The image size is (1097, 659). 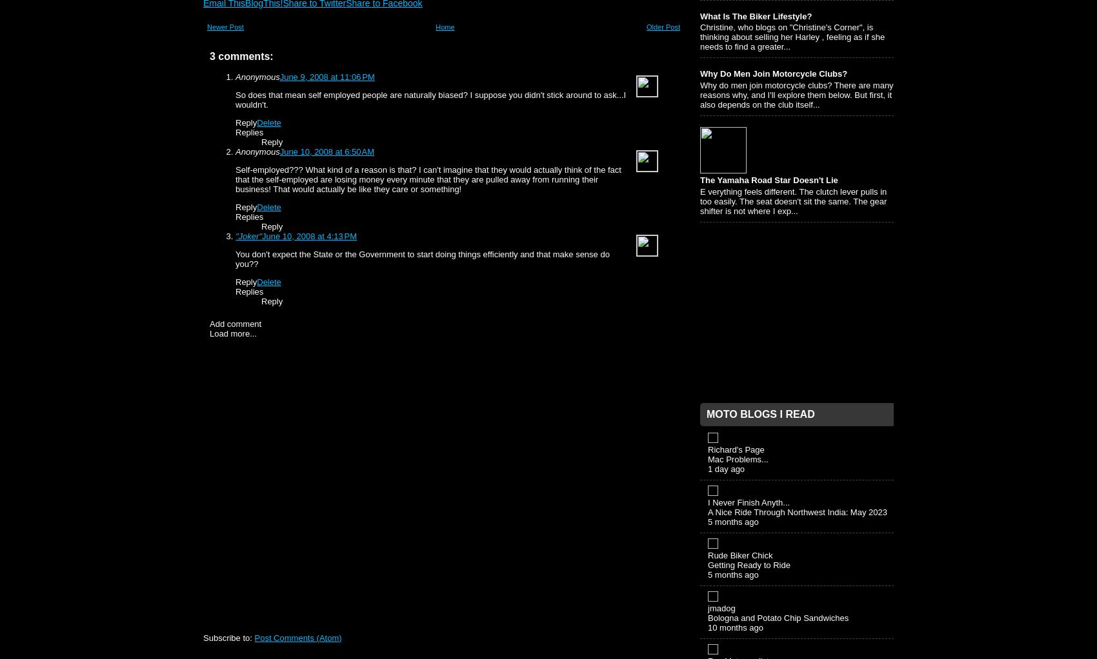 I want to click on '10 months ago', so click(x=736, y=626).